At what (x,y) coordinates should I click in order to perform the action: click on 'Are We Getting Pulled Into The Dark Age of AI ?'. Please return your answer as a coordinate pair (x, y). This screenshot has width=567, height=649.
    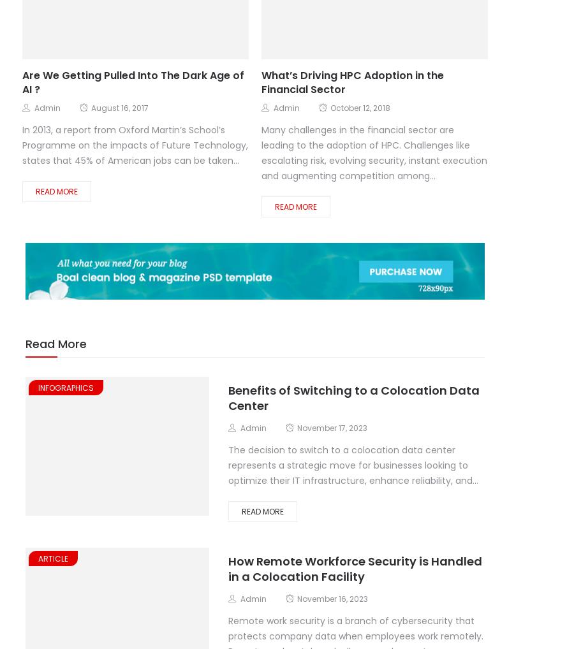
    Looking at the image, I should click on (133, 82).